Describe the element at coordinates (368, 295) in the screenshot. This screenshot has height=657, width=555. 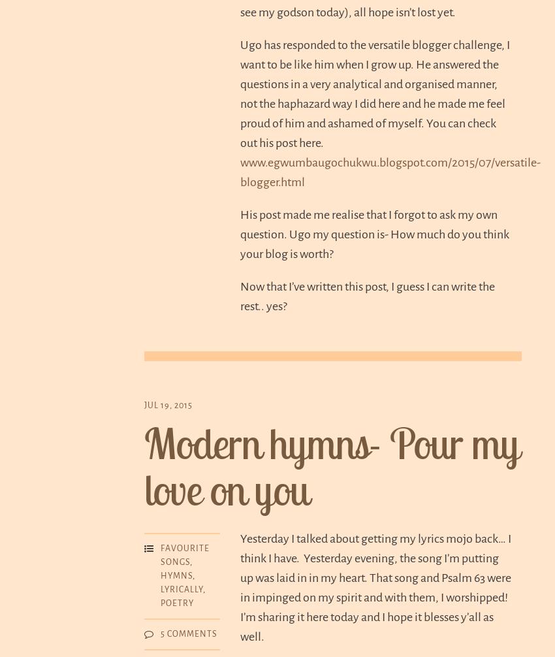
I see `'Now that I’ve written this post, I guess I can write the rest.. yes?'` at that location.